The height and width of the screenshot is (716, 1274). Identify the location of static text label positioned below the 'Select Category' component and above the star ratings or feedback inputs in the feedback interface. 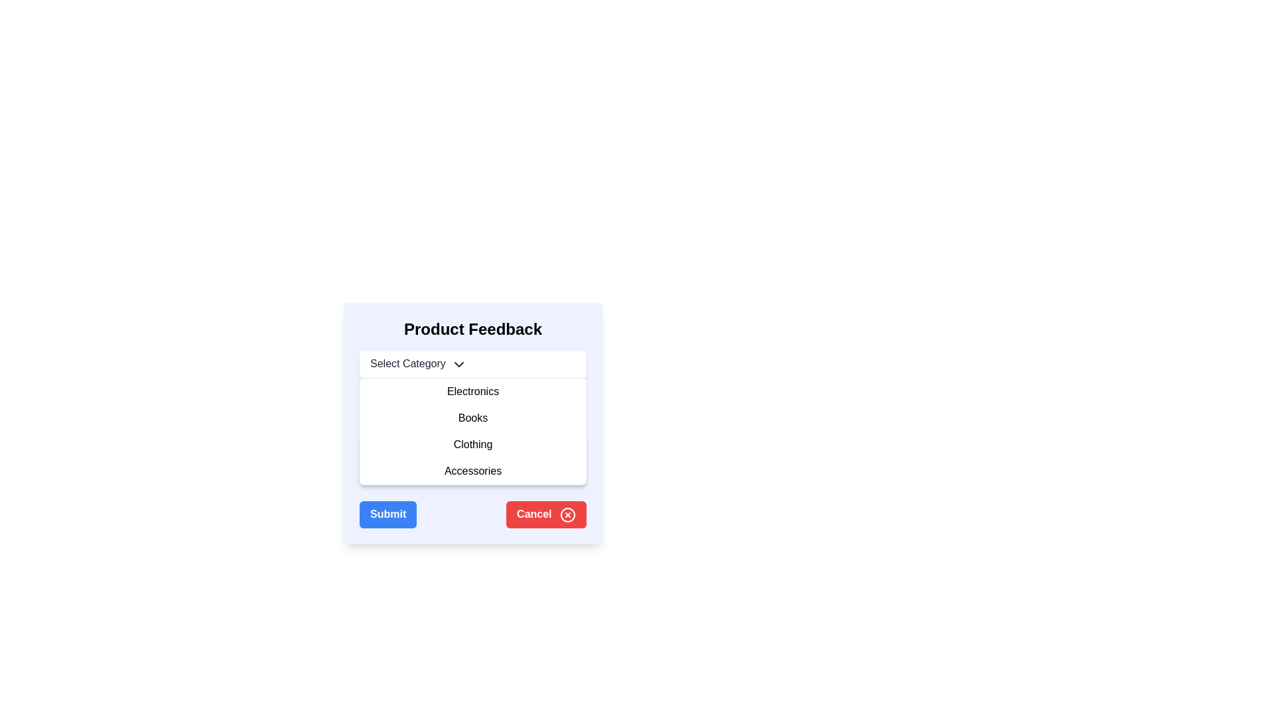
(473, 397).